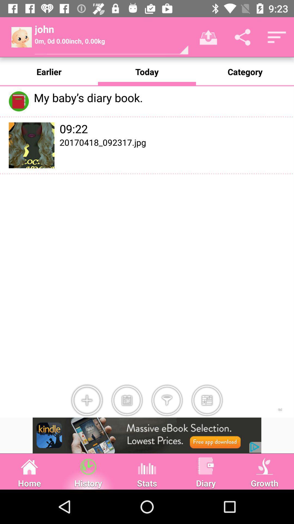  Describe the element at coordinates (19, 101) in the screenshot. I see `take the icon left to my babys` at that location.